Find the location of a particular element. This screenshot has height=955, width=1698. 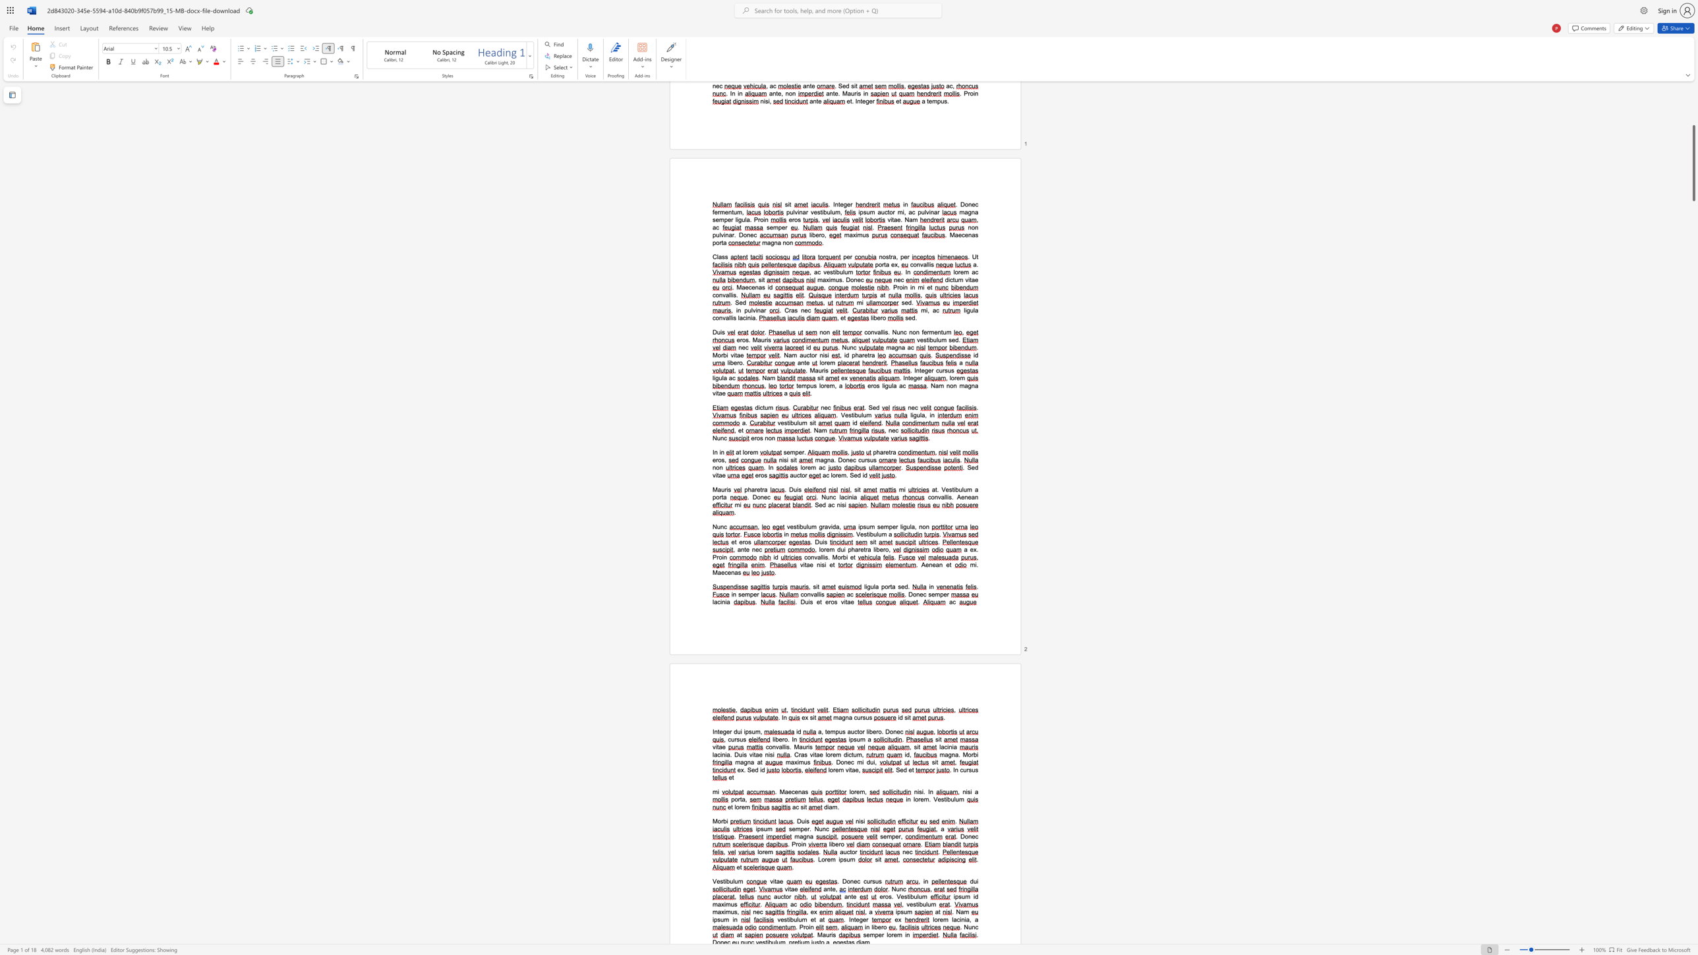

the 1th character "t" in the text is located at coordinates (723, 881).